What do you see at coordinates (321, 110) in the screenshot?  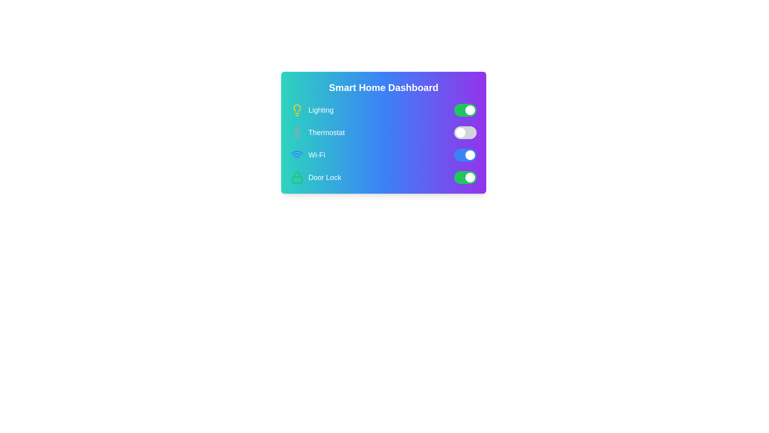 I see `the 'Lighting' text label in the Smart Home Dashboard, which is positioned to the right of a yellow lightbulb icon` at bounding box center [321, 110].